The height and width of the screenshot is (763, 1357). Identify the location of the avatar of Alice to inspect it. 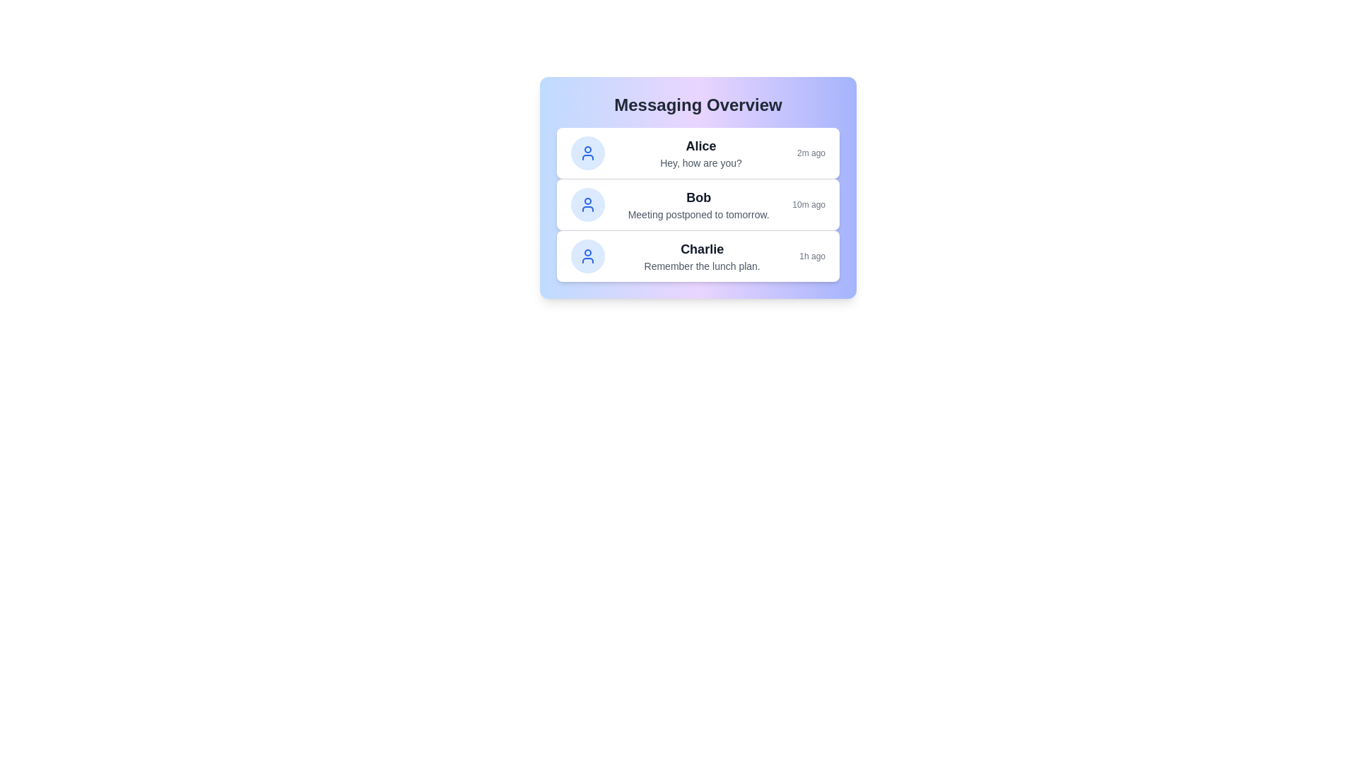
(587, 153).